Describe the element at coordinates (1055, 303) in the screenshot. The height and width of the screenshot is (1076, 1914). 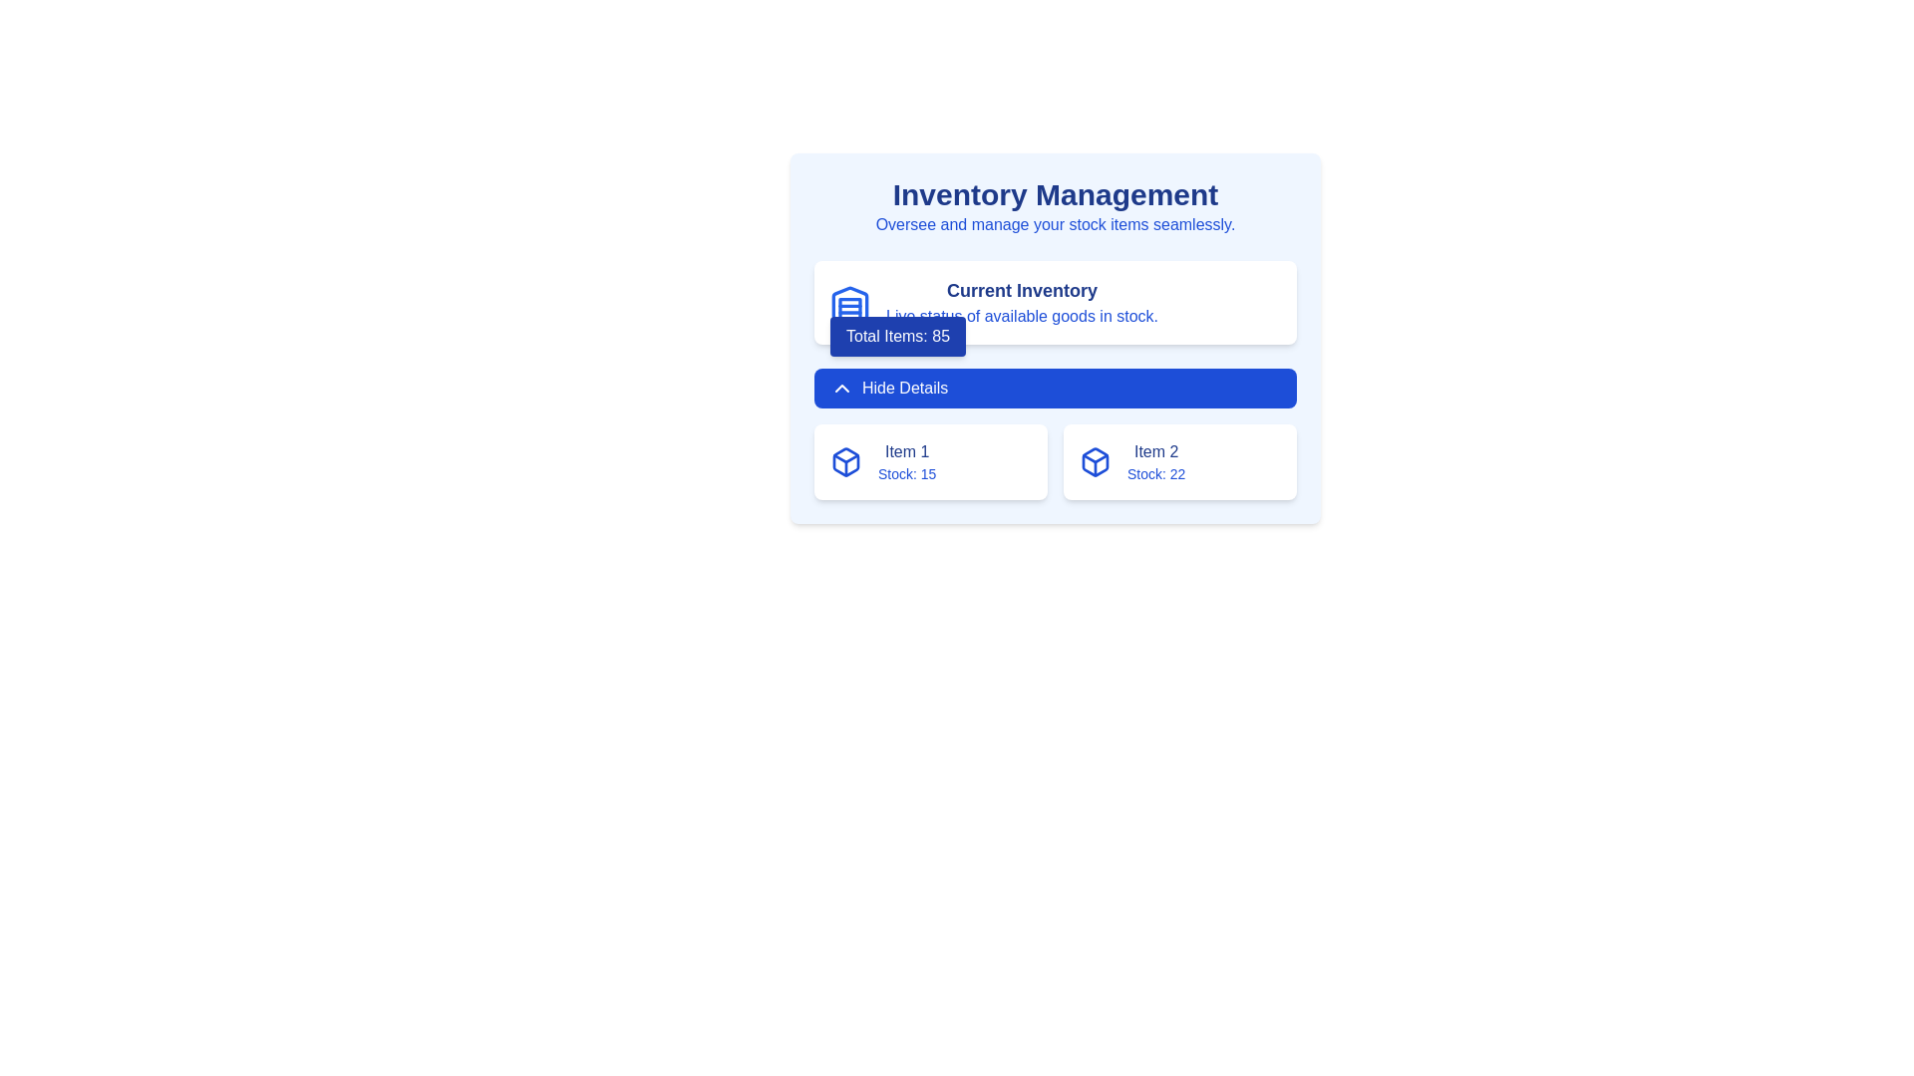
I see `the text element displaying 'Current Inventory' in bold blue font, located near the top of the 'Inventory Management' card and above the 'Hide Details' button` at that location.